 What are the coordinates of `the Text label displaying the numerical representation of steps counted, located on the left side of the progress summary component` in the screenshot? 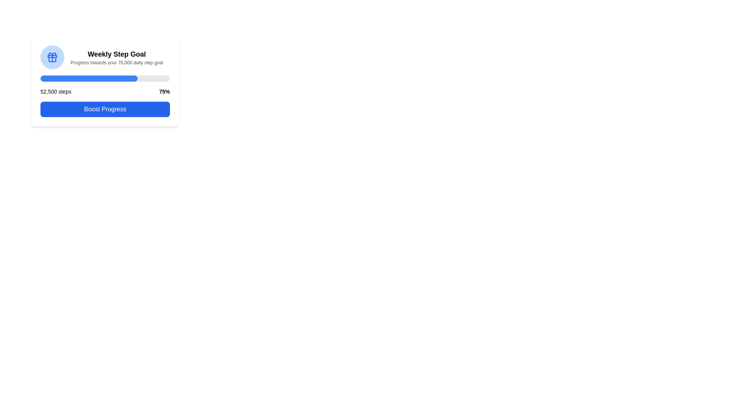 It's located at (55, 91).